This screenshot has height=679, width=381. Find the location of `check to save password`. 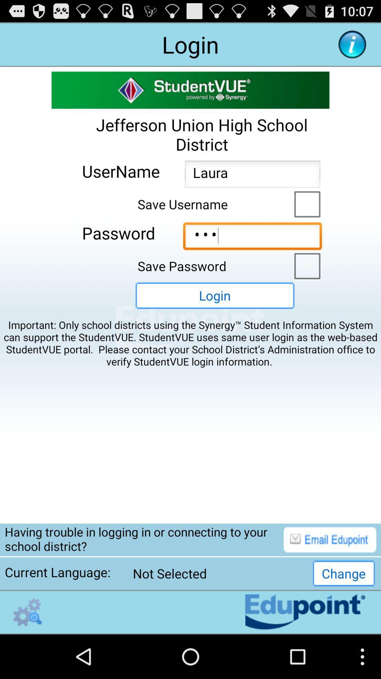

check to save password is located at coordinates (305, 265).